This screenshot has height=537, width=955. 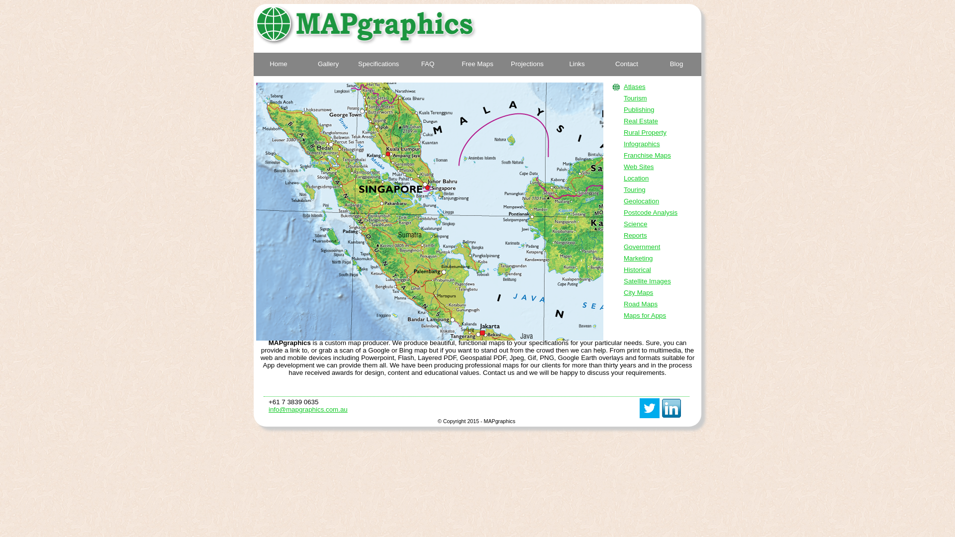 What do you see at coordinates (634, 86) in the screenshot?
I see `'Atlases'` at bounding box center [634, 86].